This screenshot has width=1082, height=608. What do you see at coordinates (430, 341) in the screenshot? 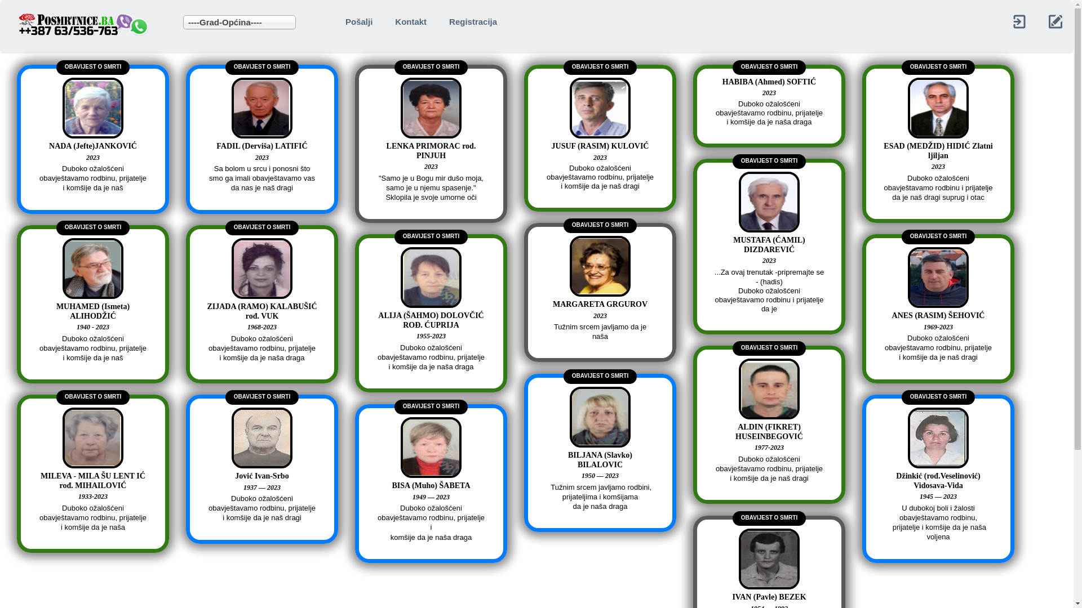
I see `'1955-2023'` at bounding box center [430, 341].